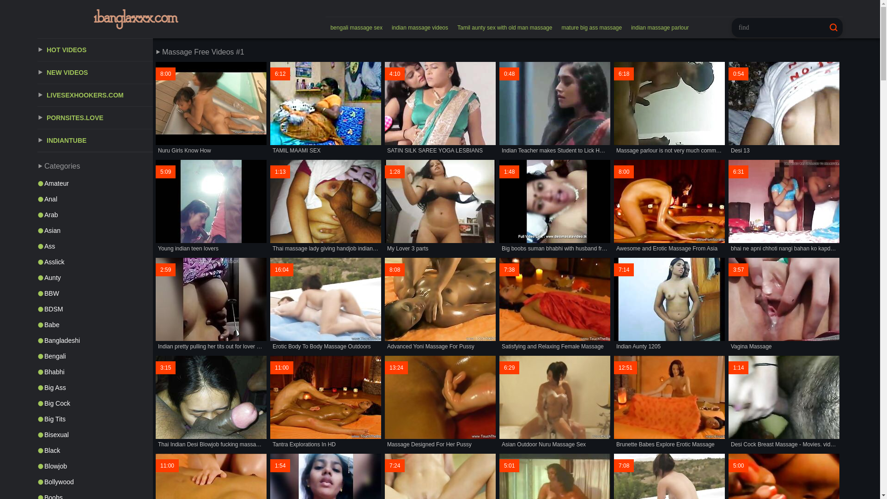 The image size is (887, 499). I want to click on '0:54, so click(784, 108).